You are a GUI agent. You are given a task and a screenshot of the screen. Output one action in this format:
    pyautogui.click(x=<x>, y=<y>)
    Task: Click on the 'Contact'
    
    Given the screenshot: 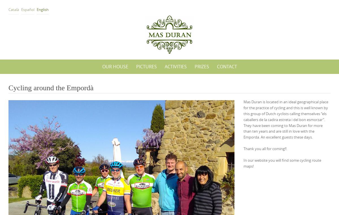 What is the action you would take?
    pyautogui.click(x=226, y=66)
    